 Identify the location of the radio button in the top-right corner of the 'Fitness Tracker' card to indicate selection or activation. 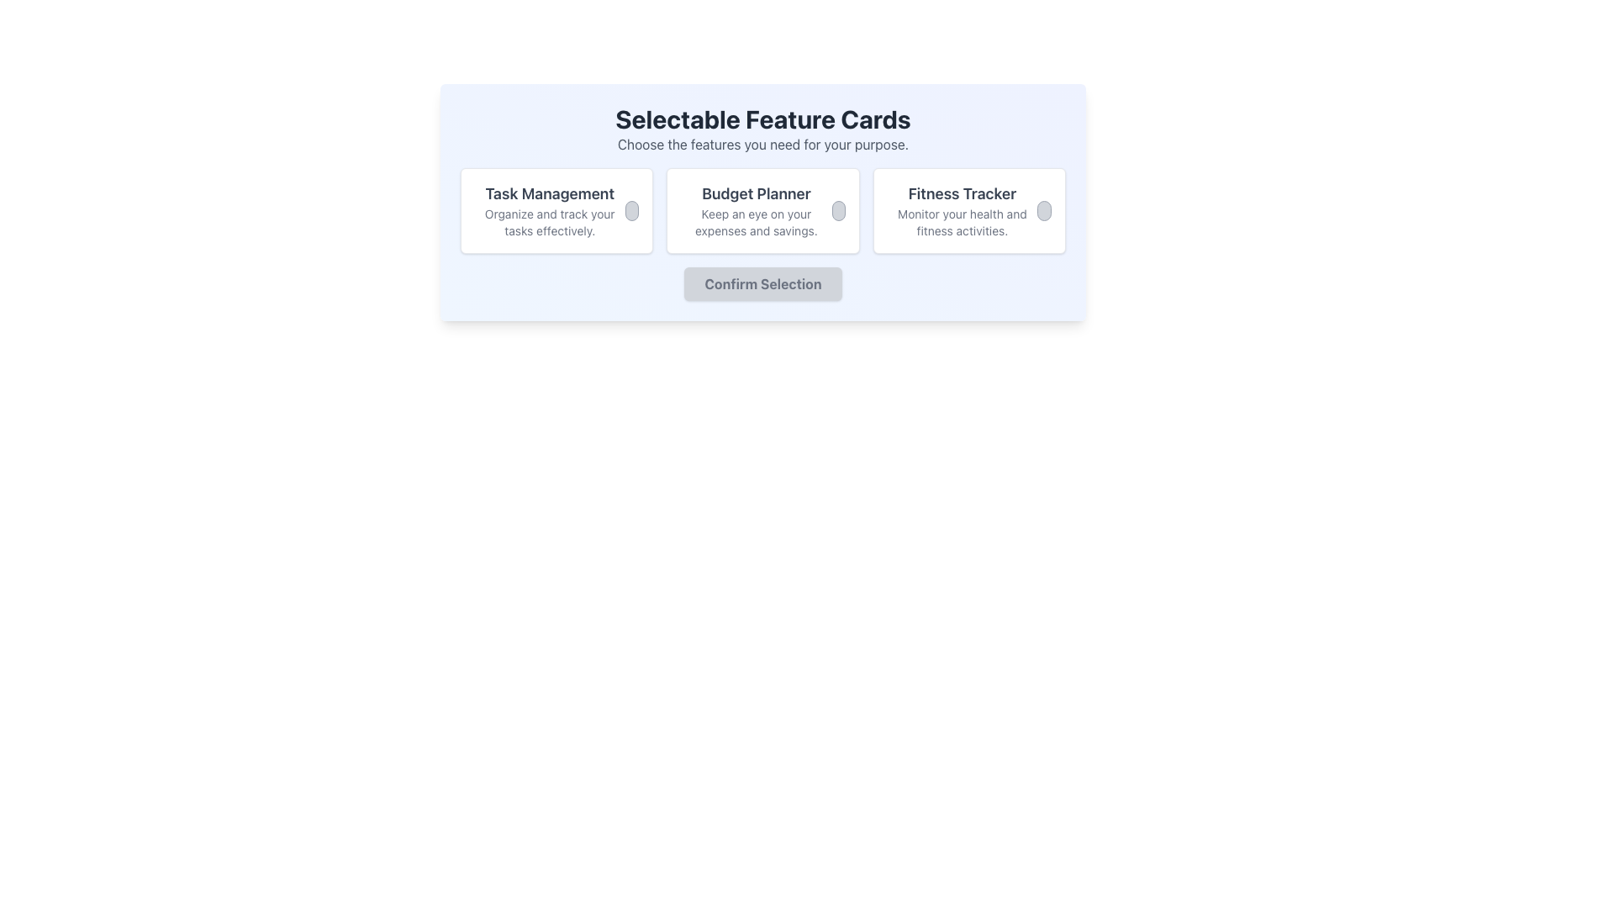
(1043, 209).